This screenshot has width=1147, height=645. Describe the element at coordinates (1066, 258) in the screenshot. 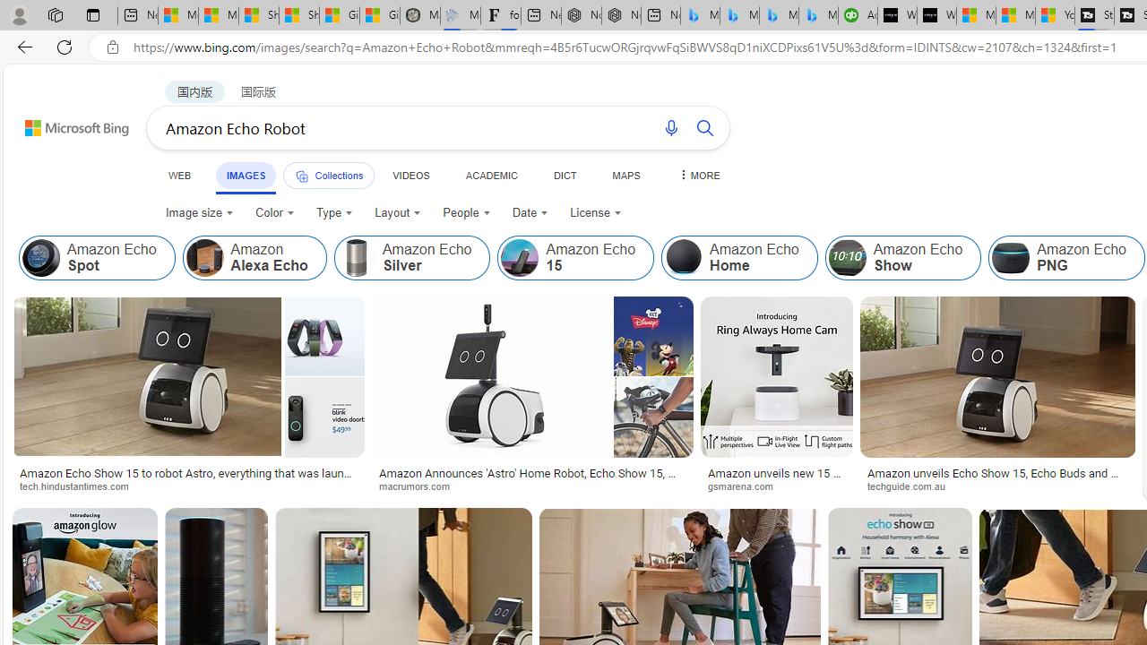

I see `'Amazon Echo PNG'` at that location.